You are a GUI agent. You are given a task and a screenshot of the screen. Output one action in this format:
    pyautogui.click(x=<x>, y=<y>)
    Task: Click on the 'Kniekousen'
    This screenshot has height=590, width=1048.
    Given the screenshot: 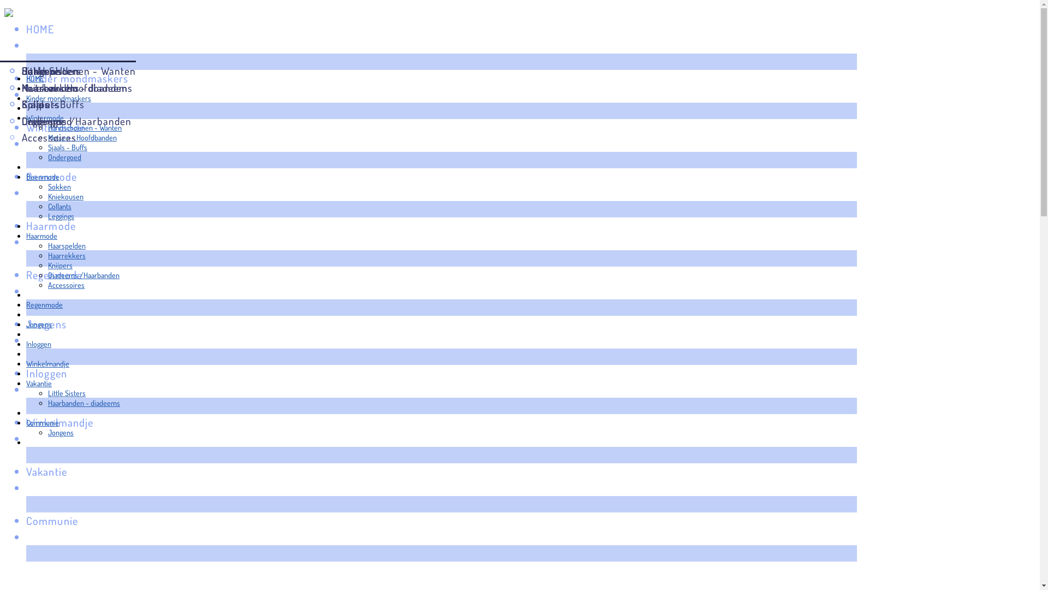 What is the action you would take?
    pyautogui.click(x=65, y=196)
    